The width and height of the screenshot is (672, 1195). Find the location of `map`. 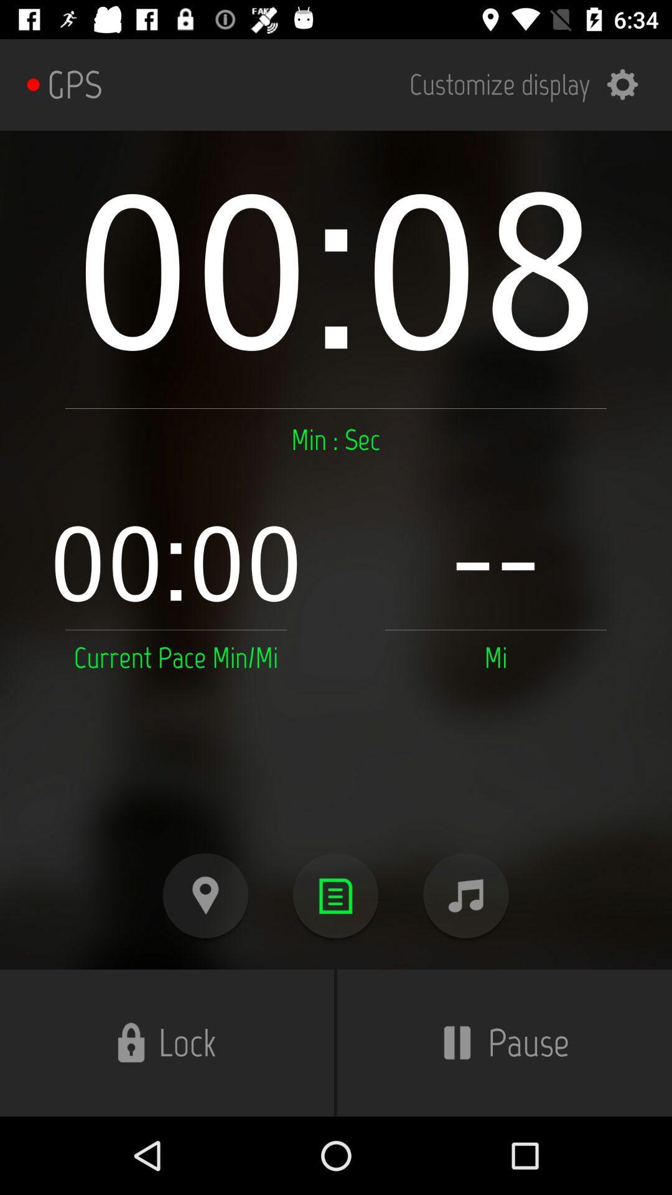

map is located at coordinates (205, 895).